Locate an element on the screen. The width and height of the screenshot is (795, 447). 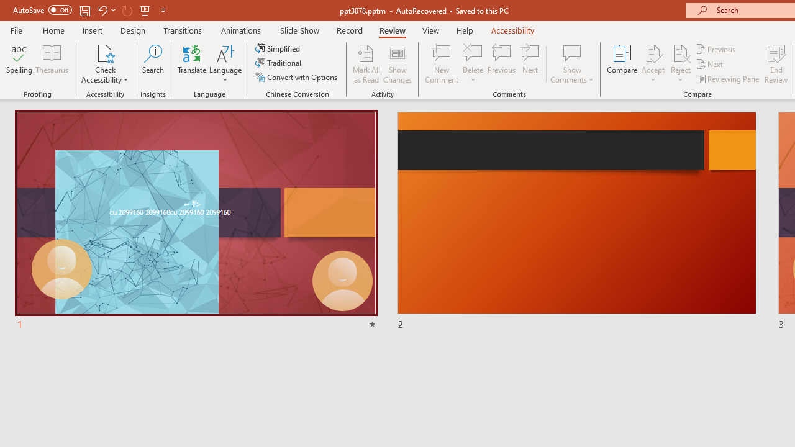
'File Tab' is located at coordinates (16, 29).